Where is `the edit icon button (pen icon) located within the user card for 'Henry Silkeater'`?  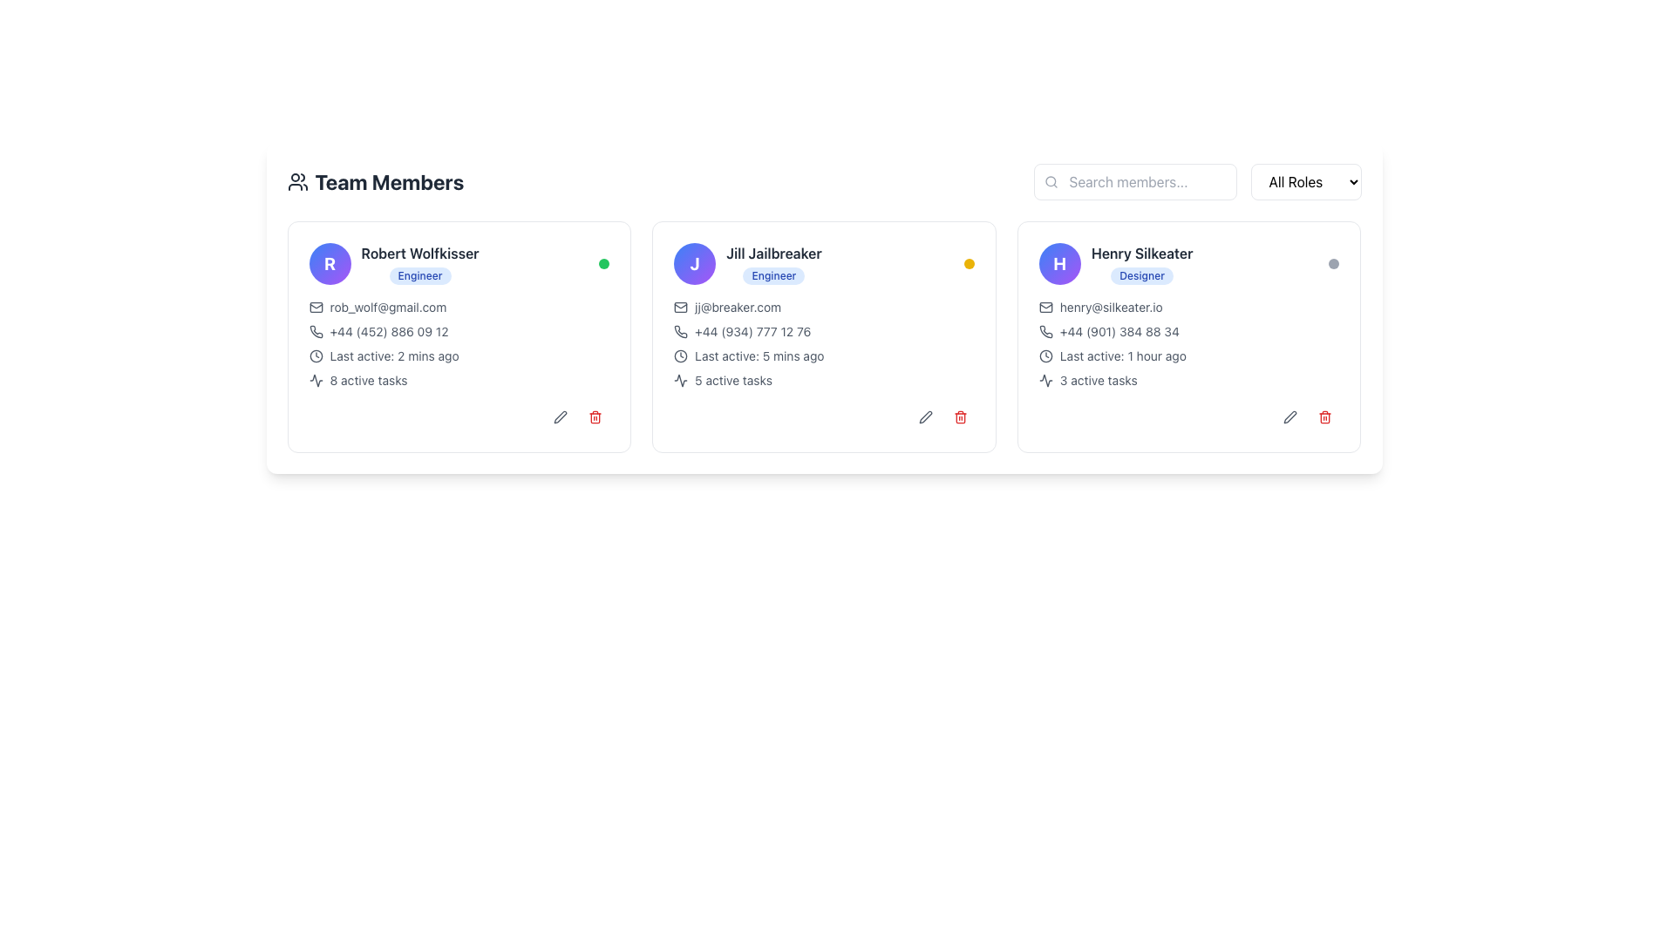
the edit icon button (pen icon) located within the user card for 'Henry Silkeater' is located at coordinates (1290, 416).